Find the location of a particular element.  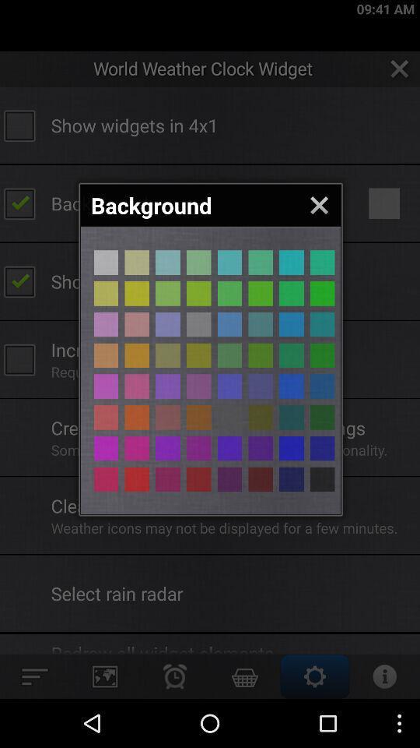

change background color is located at coordinates (198, 448).